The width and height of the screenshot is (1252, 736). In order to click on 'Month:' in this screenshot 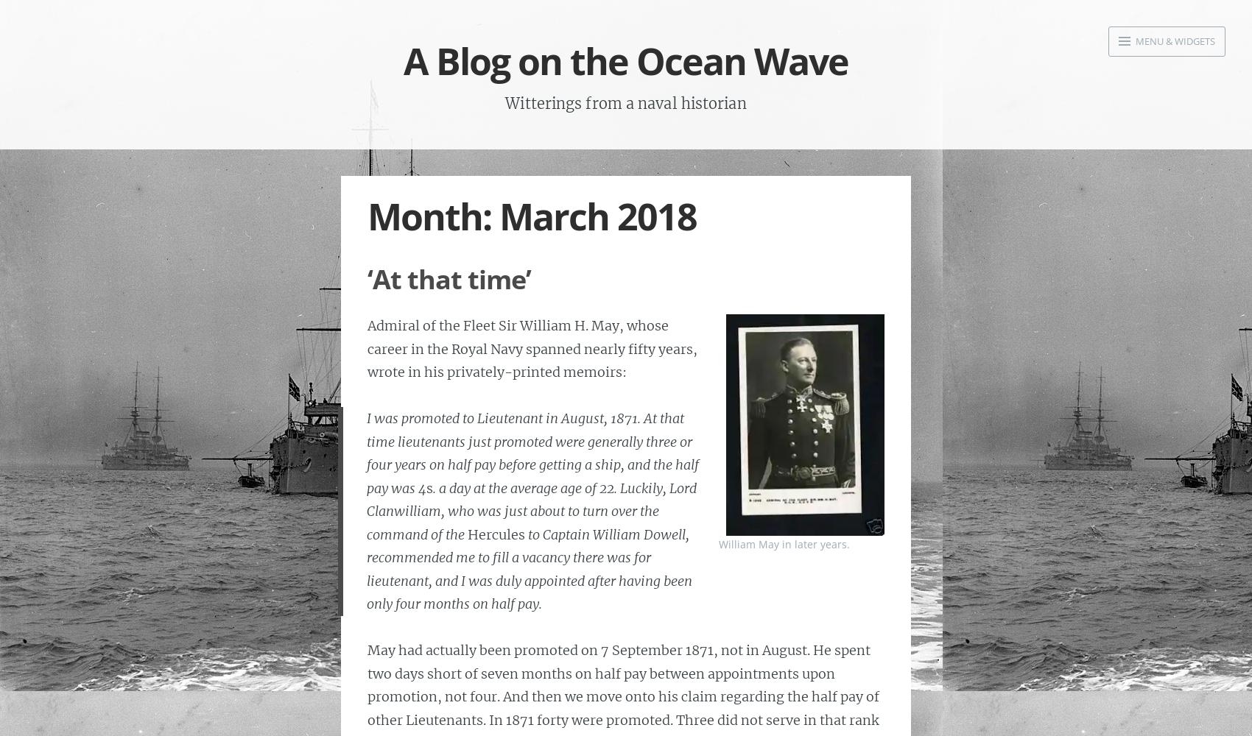, I will do `click(432, 216)`.